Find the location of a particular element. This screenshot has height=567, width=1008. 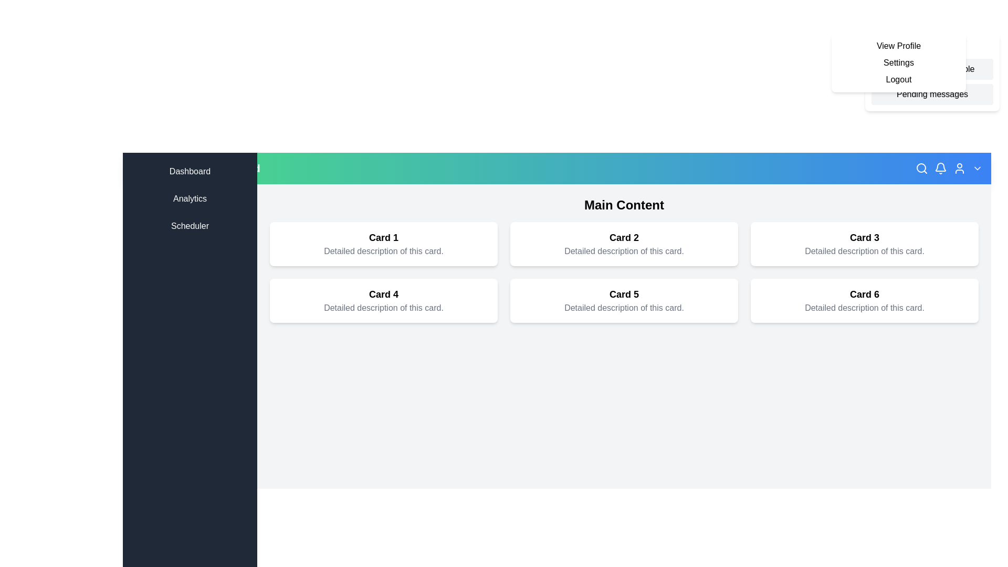

the third item in the sidebar menu, which serves as a text-based navigation option is located at coordinates (190, 226).